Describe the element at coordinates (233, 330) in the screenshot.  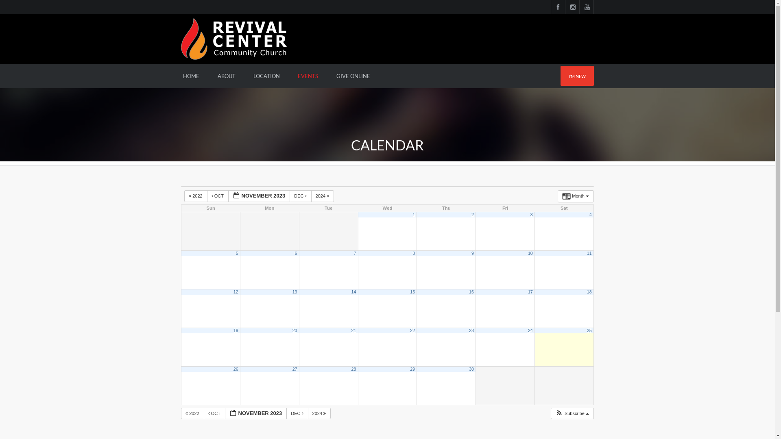
I see `'19'` at that location.